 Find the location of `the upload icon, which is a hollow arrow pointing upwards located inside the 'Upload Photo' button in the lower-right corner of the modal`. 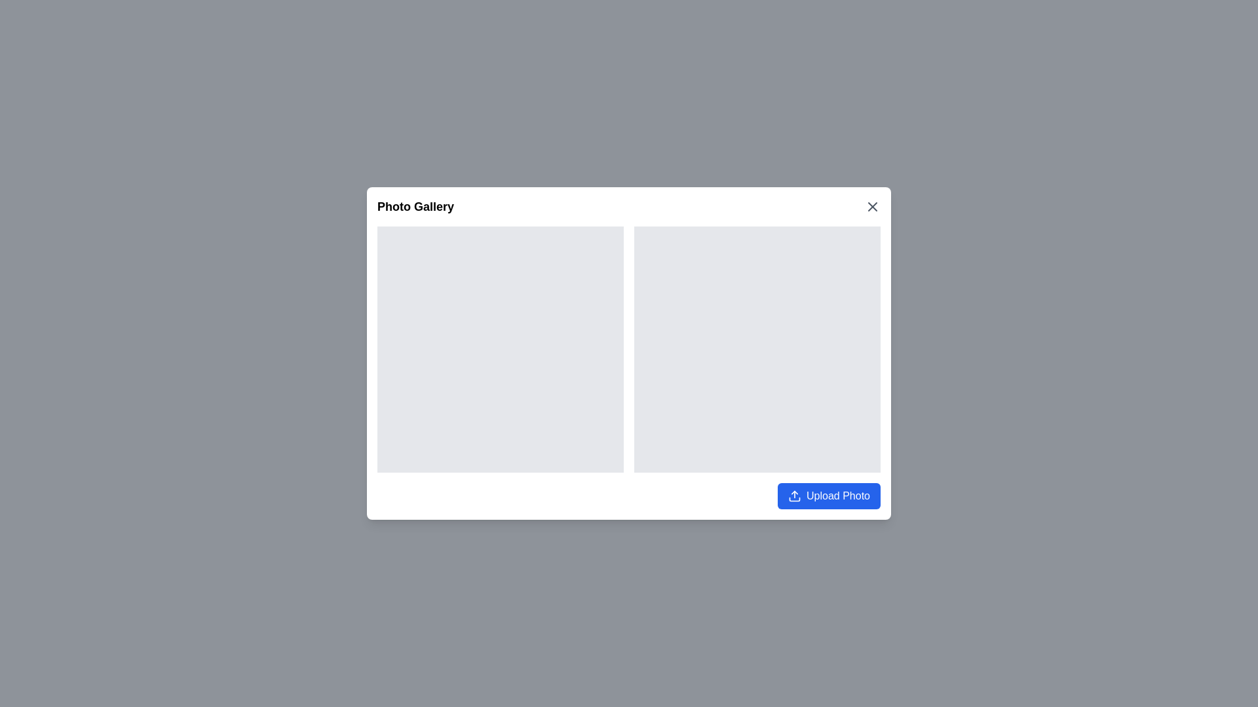

the upload icon, which is a hollow arrow pointing upwards located inside the 'Upload Photo' button in the lower-right corner of the modal is located at coordinates (794, 496).